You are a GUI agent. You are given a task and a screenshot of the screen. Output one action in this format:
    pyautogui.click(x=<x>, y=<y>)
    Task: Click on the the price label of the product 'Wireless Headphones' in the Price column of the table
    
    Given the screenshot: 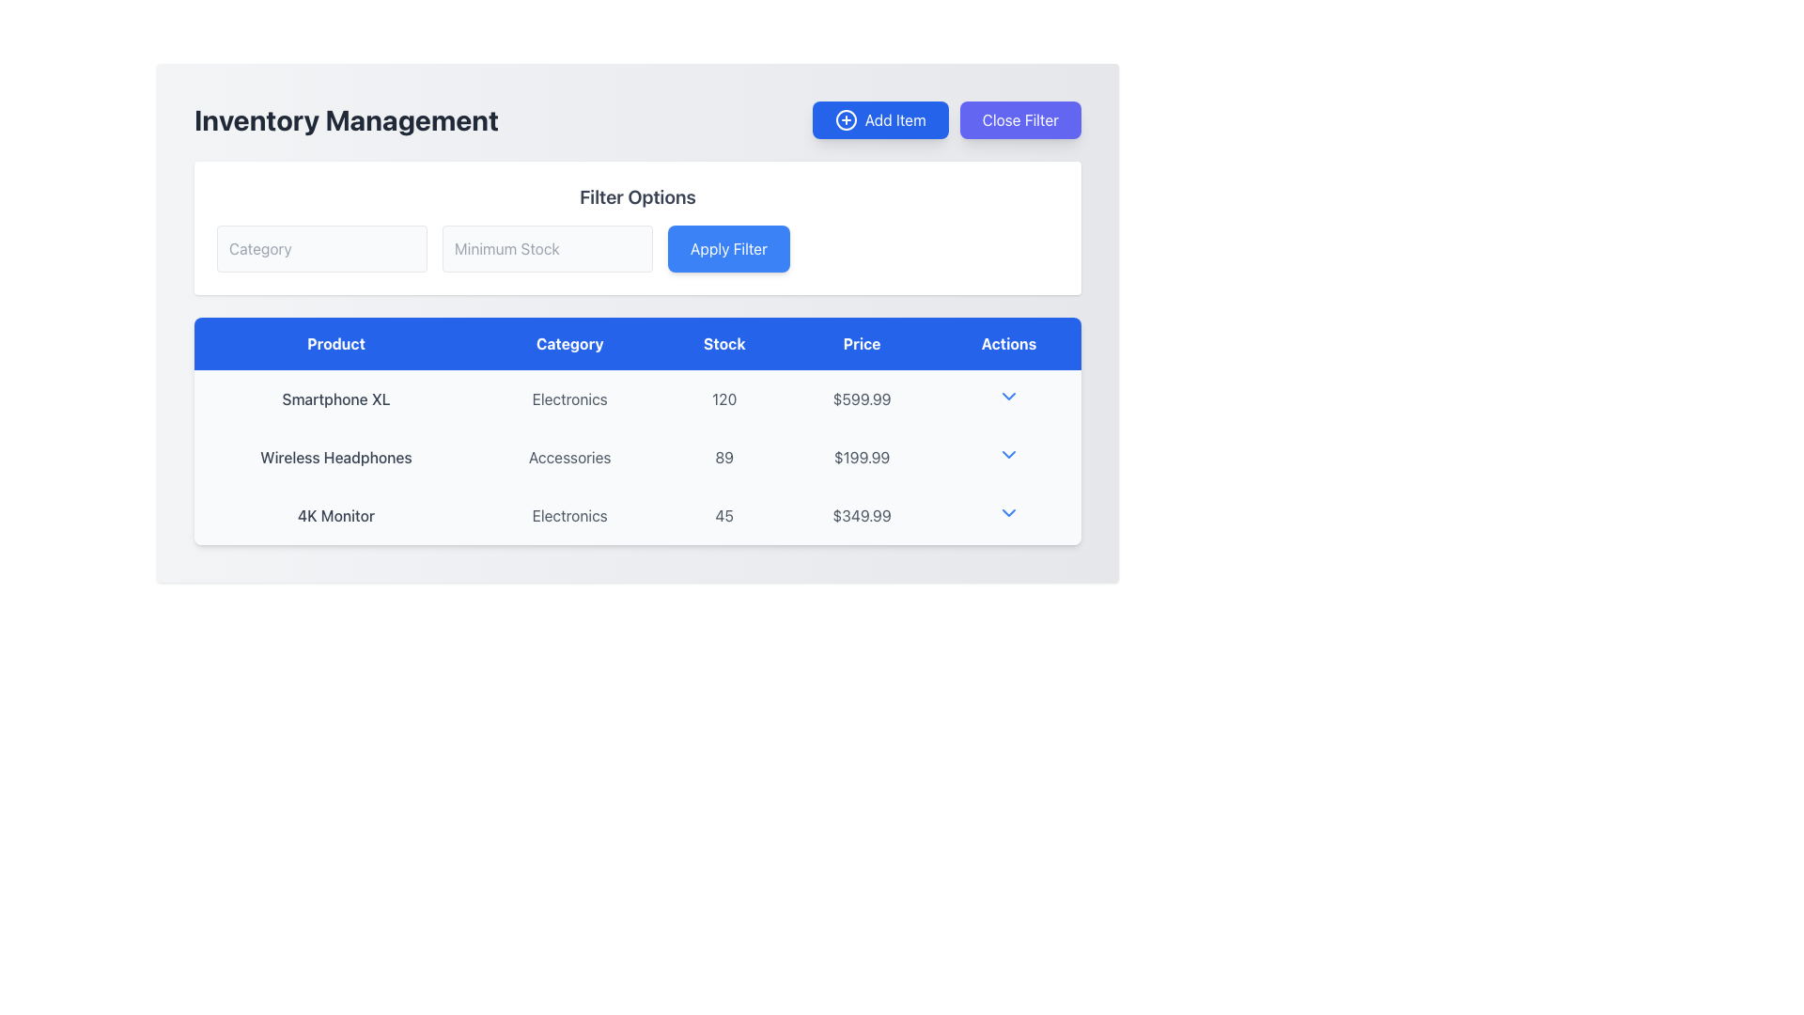 What is the action you would take?
    pyautogui.click(x=861, y=457)
    